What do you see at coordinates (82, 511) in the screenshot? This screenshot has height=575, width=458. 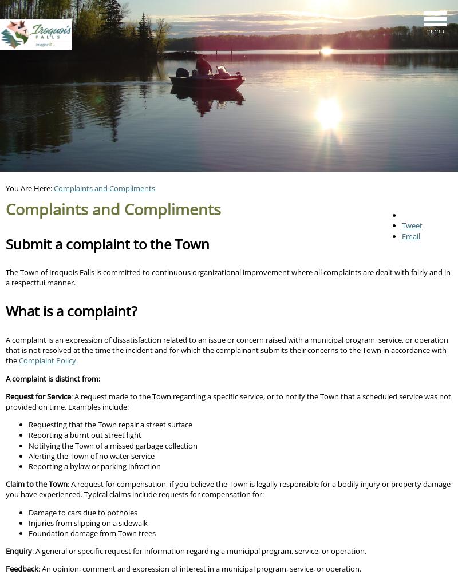 I see `'Damage to cars due to potholes'` at bounding box center [82, 511].